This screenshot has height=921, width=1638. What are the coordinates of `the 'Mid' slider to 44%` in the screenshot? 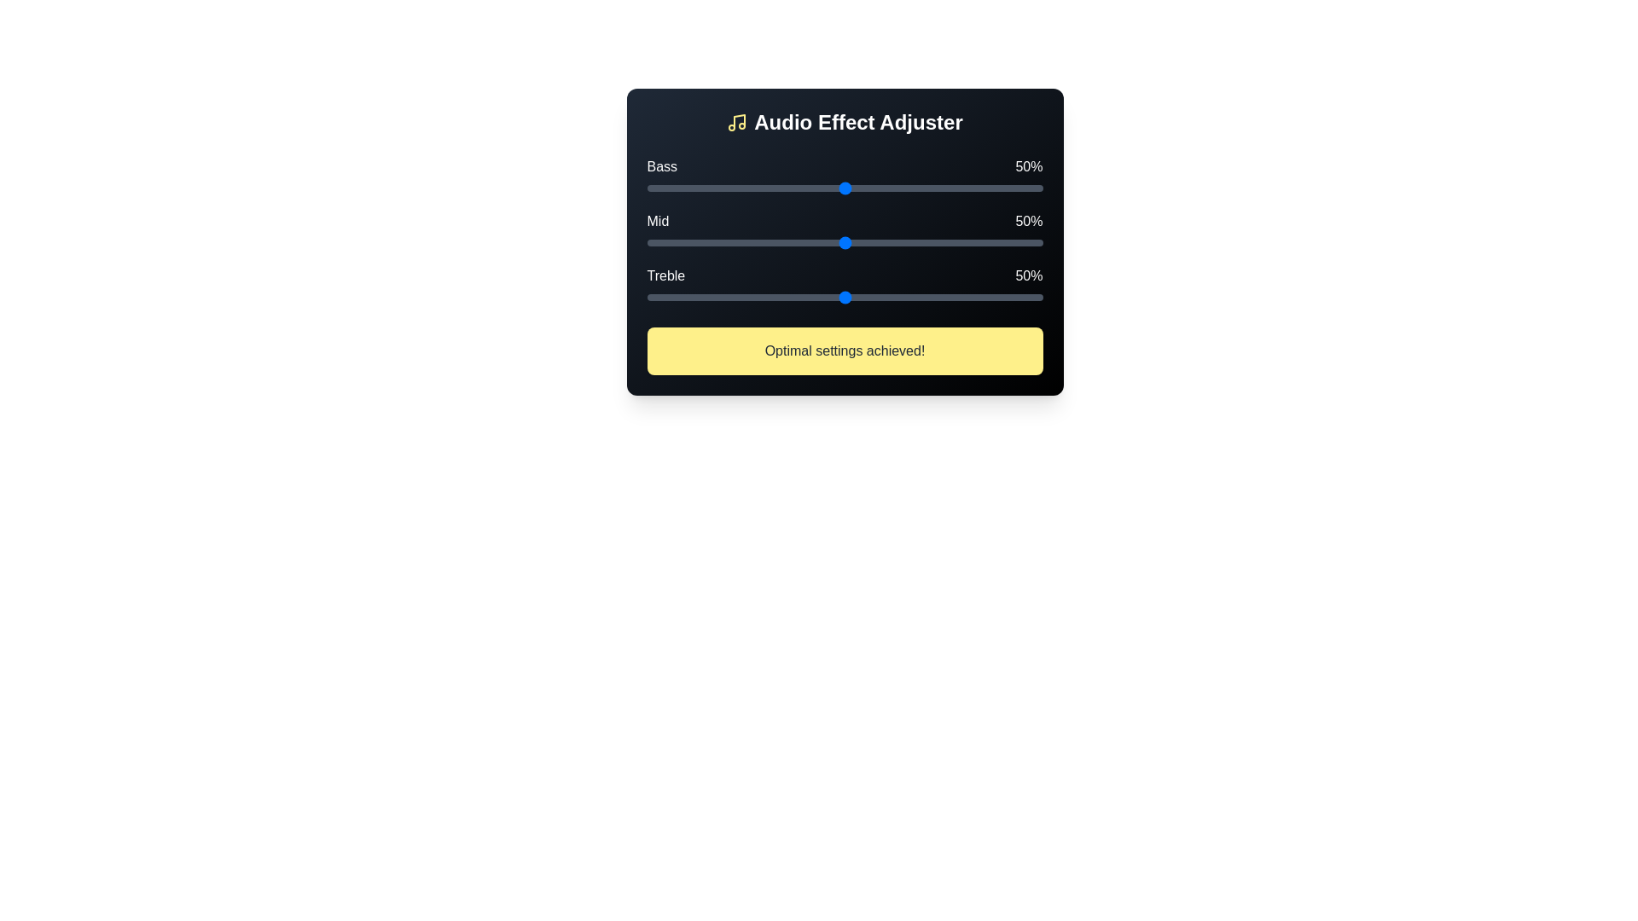 It's located at (821, 243).